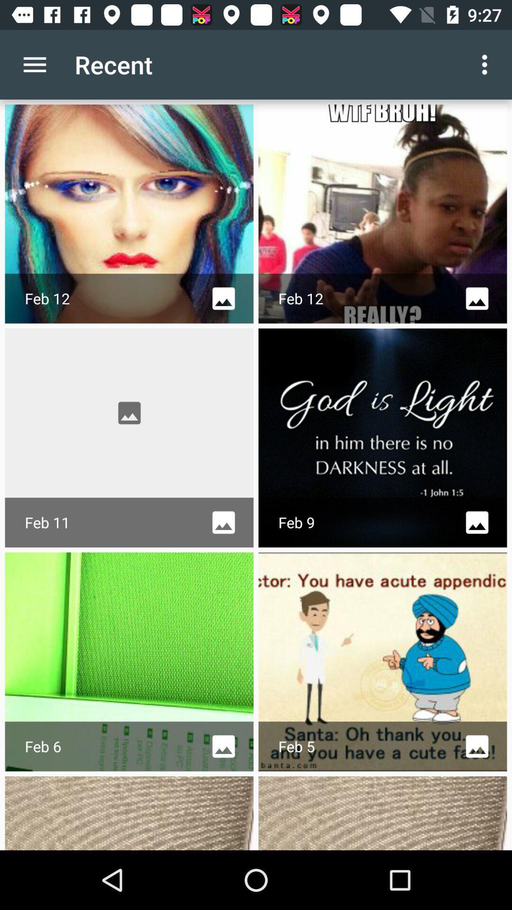 This screenshot has height=910, width=512. I want to click on the app next to the recent item, so click(34, 64).